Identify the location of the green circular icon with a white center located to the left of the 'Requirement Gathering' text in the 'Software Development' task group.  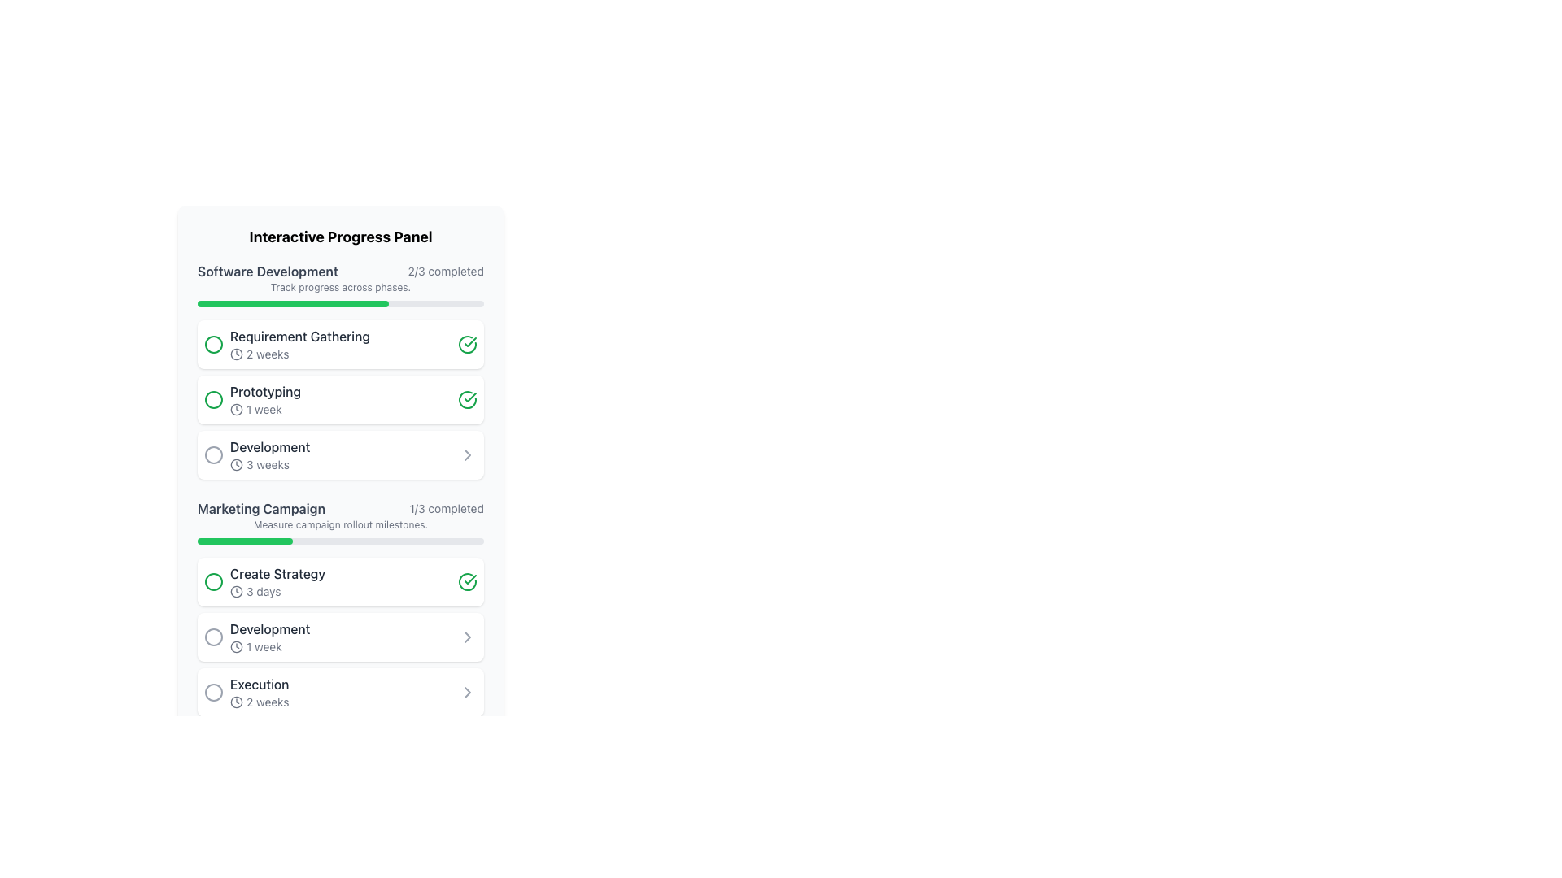
(213, 344).